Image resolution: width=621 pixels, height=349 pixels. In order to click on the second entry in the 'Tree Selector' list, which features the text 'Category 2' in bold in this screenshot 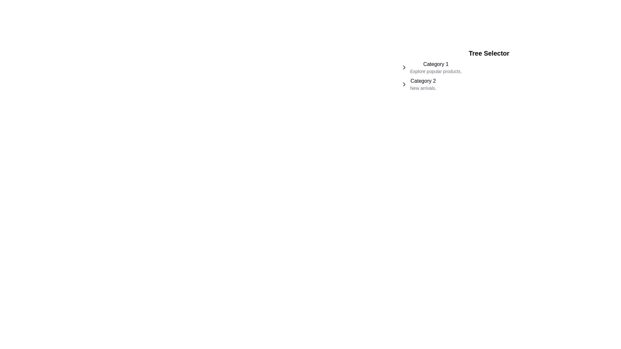, I will do `click(423, 84)`.